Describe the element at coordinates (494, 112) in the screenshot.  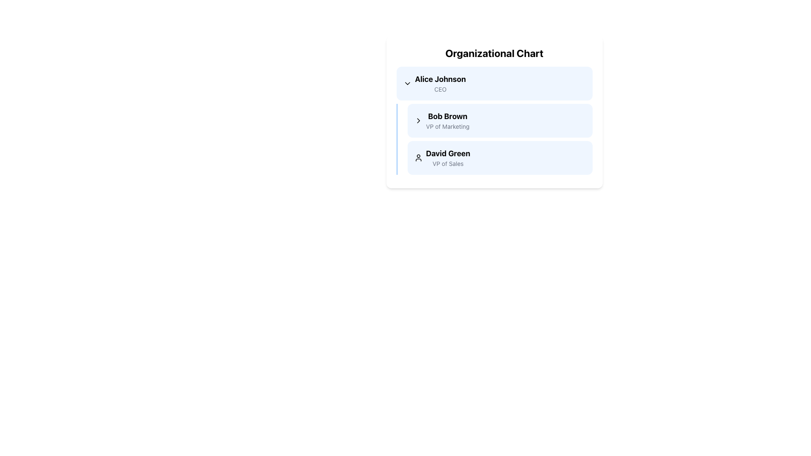
I see `the card presenting details about 'Bob Brown', the second card in the organizational chart, located between 'Alice Johnson' and 'David Green'` at that location.